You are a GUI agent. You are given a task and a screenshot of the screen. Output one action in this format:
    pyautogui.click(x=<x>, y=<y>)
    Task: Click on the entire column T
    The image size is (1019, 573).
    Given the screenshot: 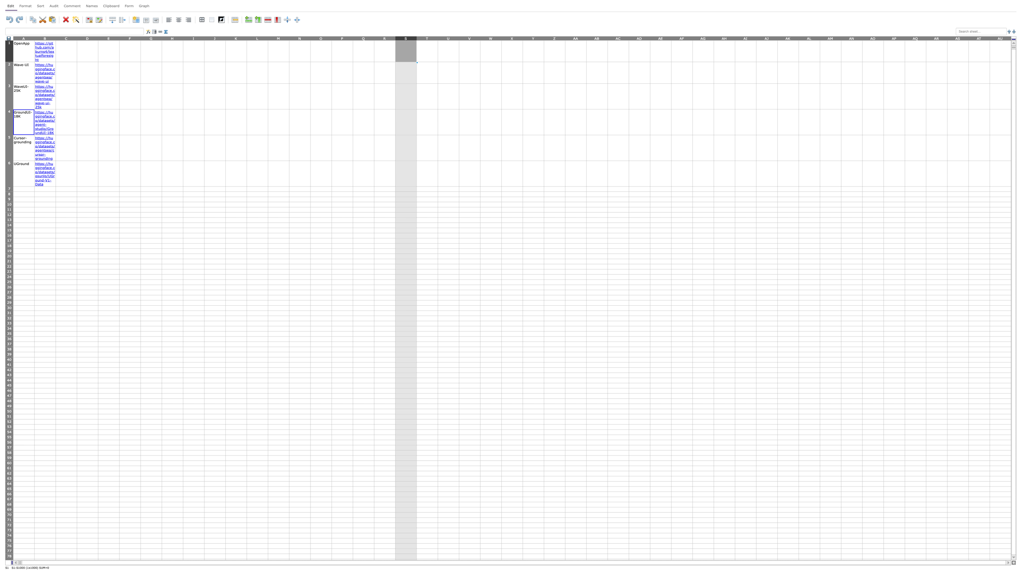 What is the action you would take?
    pyautogui.click(x=427, y=38)
    